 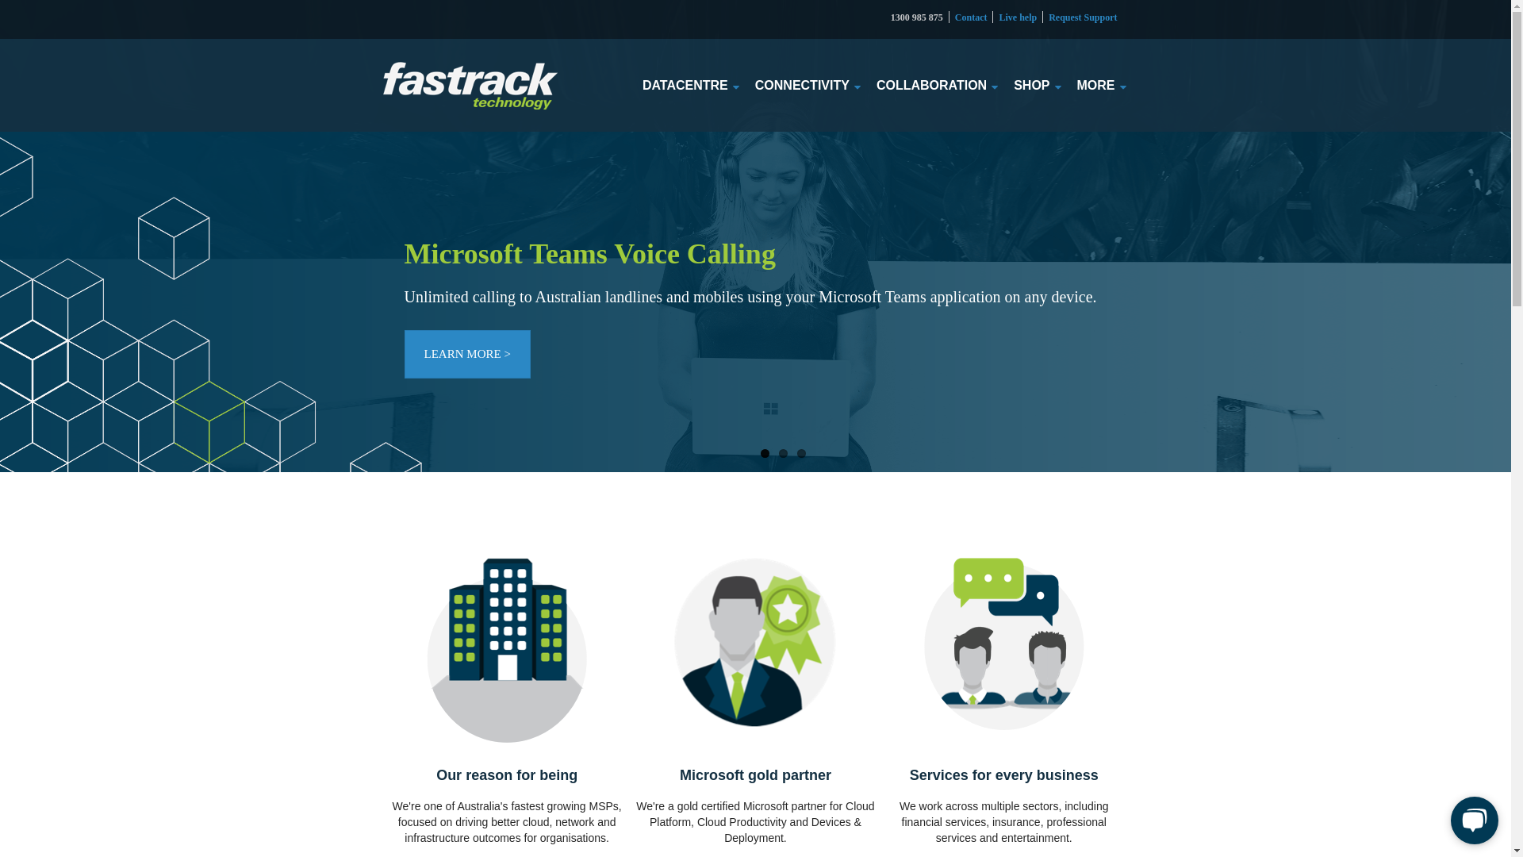 I want to click on 'SHOP', so click(x=1031, y=85).